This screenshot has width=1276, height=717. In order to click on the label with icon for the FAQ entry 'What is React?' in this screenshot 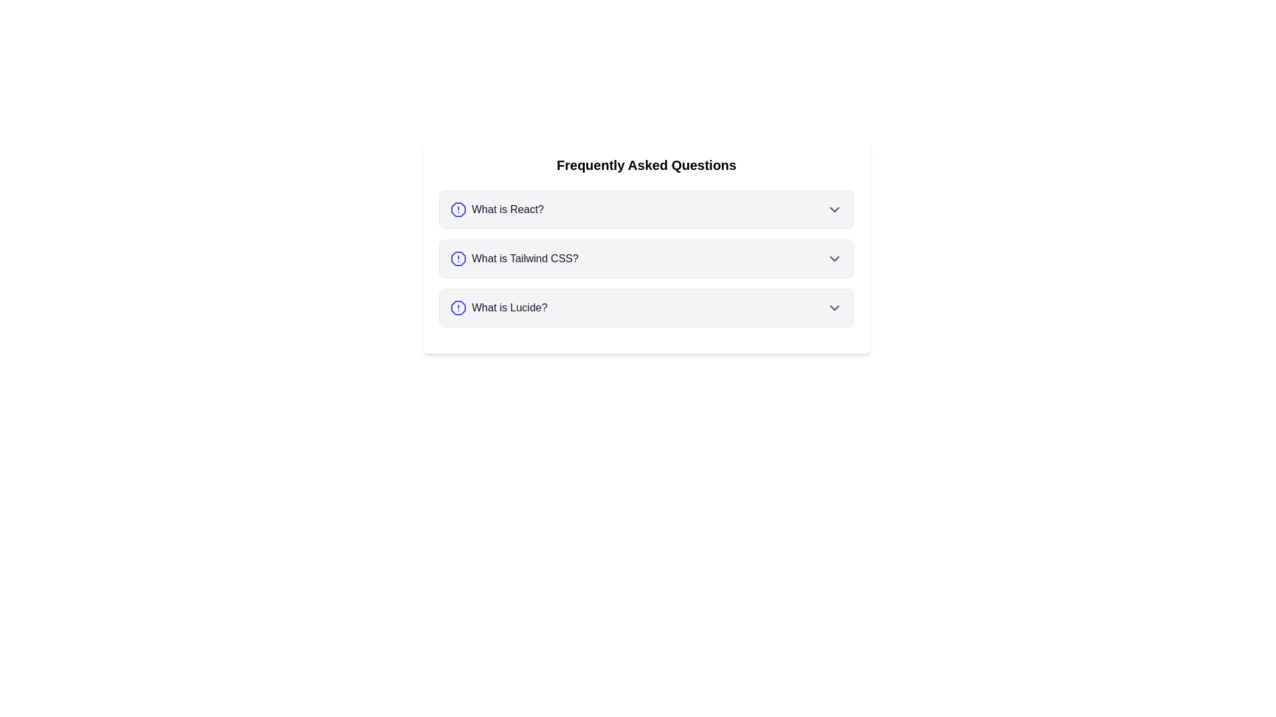, I will do `click(496, 209)`.